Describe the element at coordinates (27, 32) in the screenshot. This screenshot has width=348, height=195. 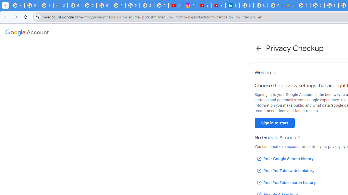
I see `'Google Account settings'` at that location.